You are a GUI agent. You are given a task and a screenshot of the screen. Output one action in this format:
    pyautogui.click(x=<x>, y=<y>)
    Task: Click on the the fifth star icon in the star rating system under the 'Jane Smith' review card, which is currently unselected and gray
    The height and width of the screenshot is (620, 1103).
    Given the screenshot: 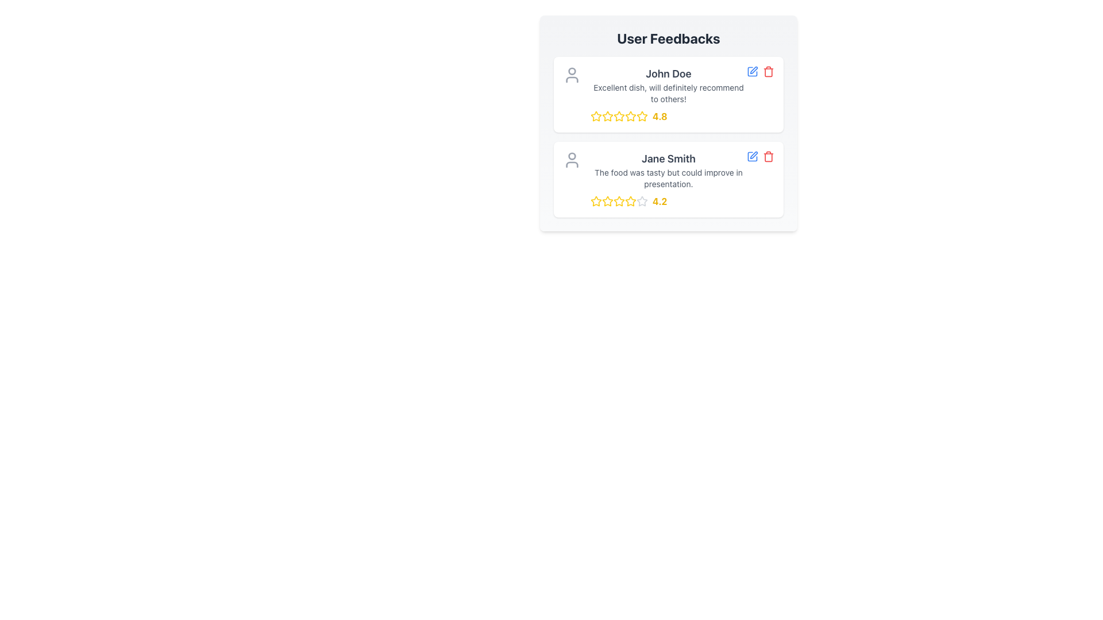 What is the action you would take?
    pyautogui.click(x=642, y=201)
    